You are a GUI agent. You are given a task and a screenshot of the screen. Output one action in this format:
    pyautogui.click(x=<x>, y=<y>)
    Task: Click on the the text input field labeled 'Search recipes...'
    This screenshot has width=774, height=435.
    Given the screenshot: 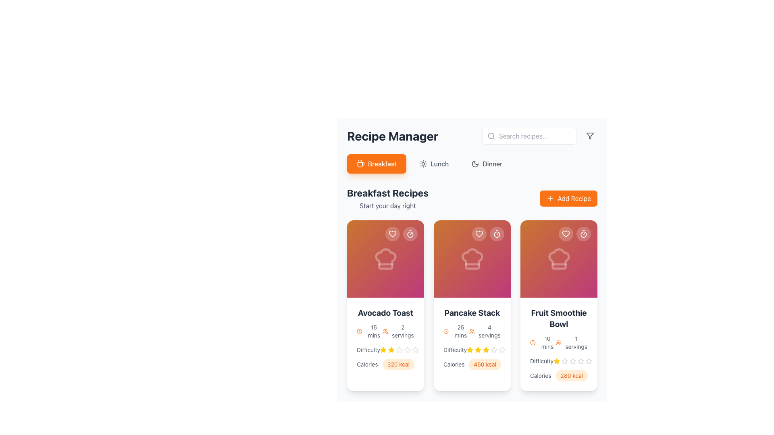 What is the action you would take?
    pyautogui.click(x=529, y=136)
    